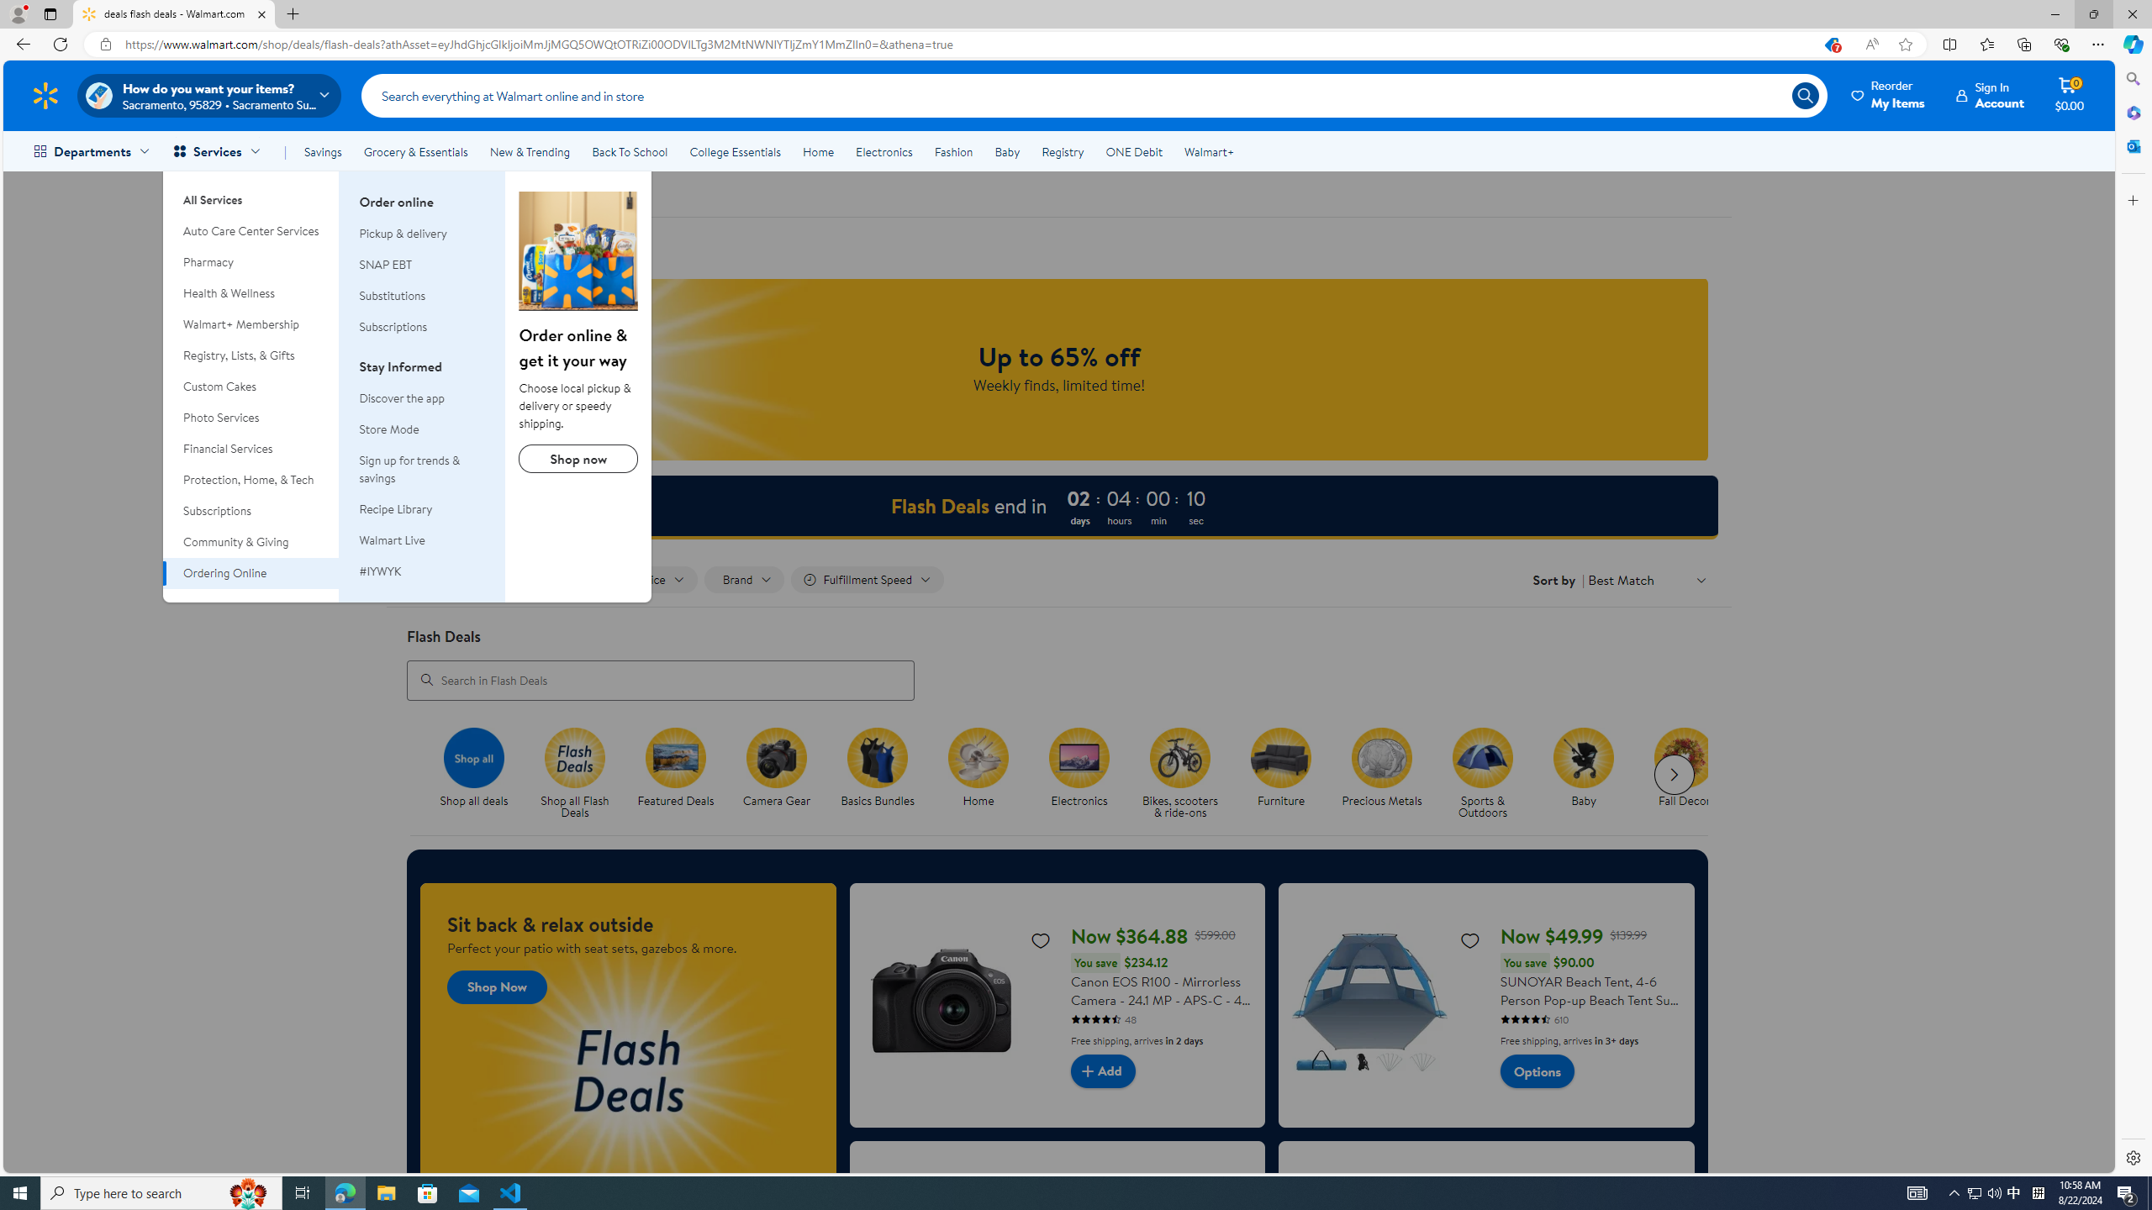  What do you see at coordinates (251, 192) in the screenshot?
I see `'All Services'` at bounding box center [251, 192].